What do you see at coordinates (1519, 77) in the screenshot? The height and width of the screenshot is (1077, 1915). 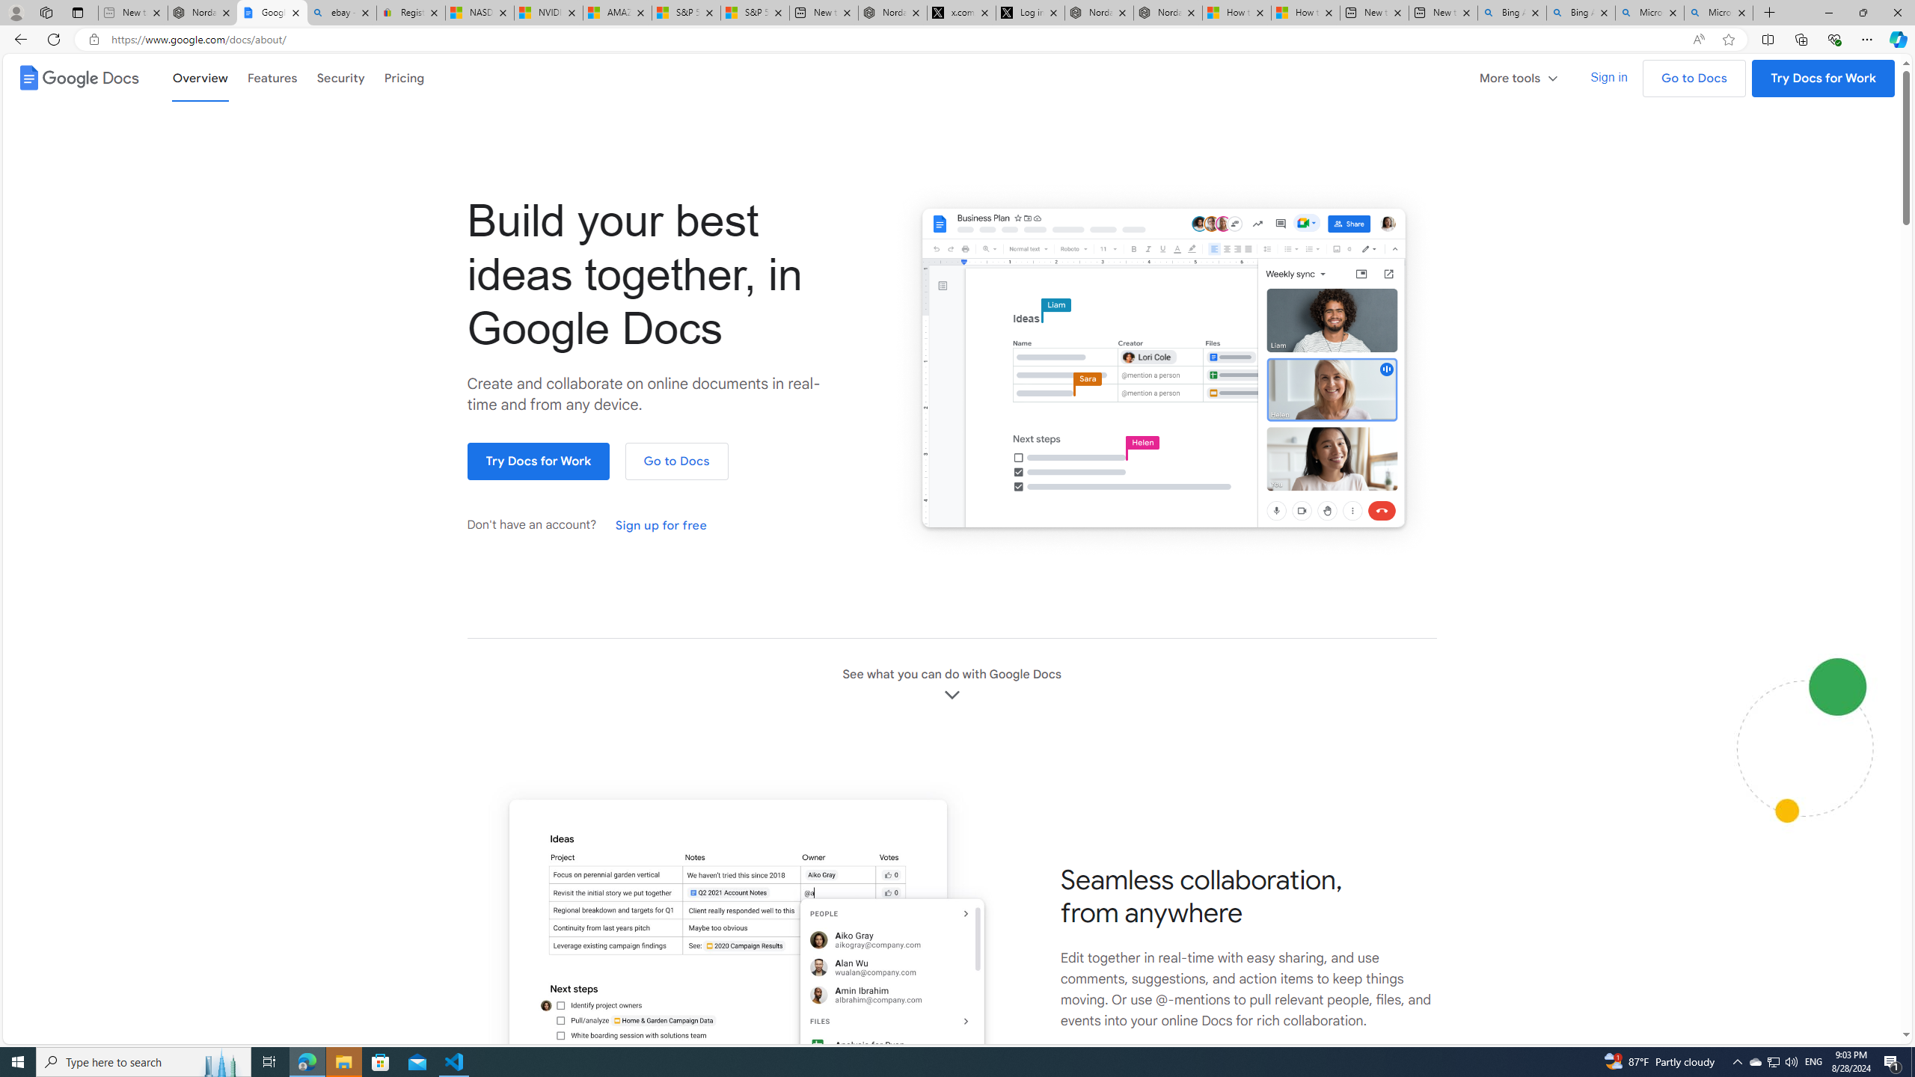 I see `'More tools'` at bounding box center [1519, 77].